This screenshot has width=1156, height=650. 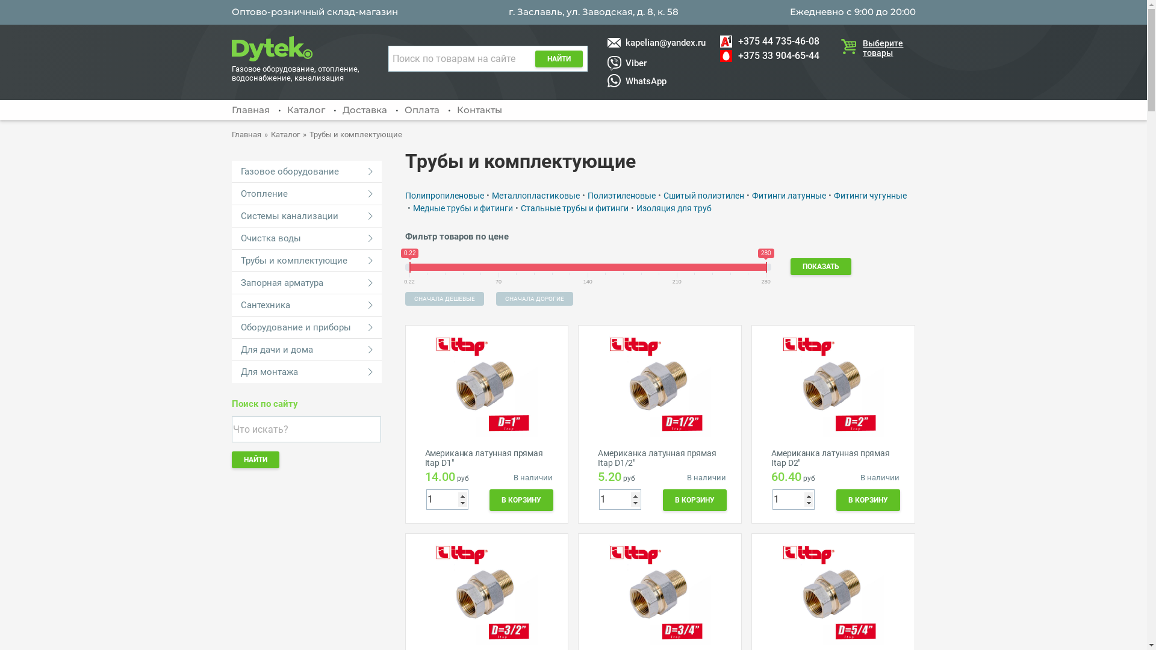 I want to click on 'kapelian@yandex.ru', so click(x=656, y=42).